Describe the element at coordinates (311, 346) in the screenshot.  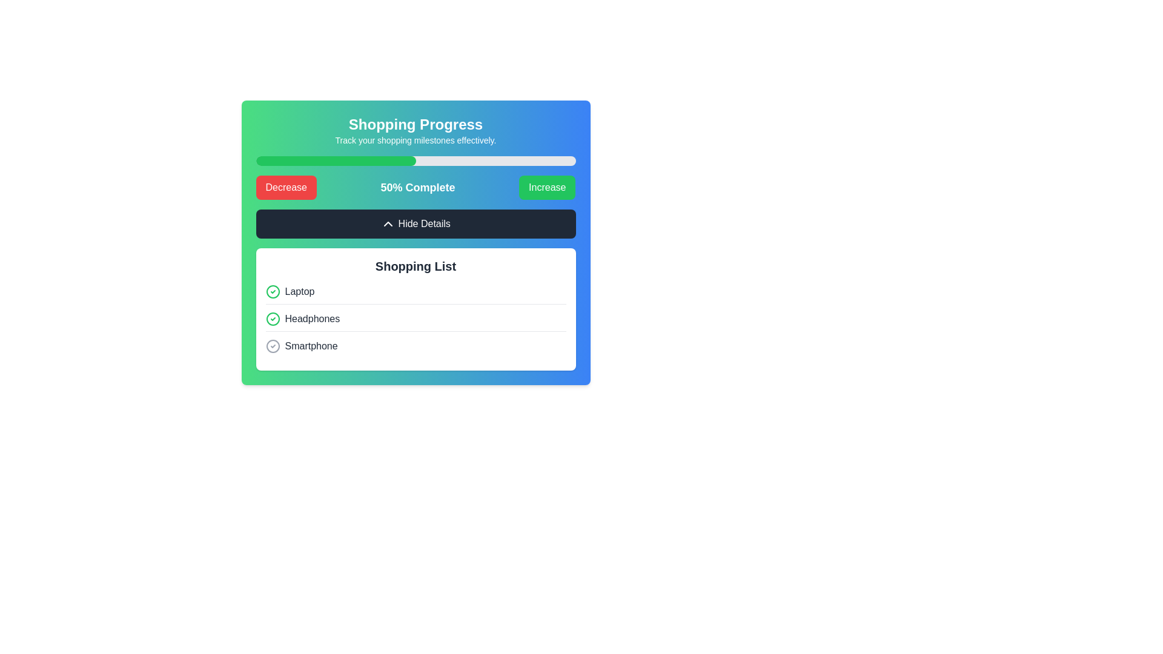
I see `the text label displaying 'Smartphone'` at that location.